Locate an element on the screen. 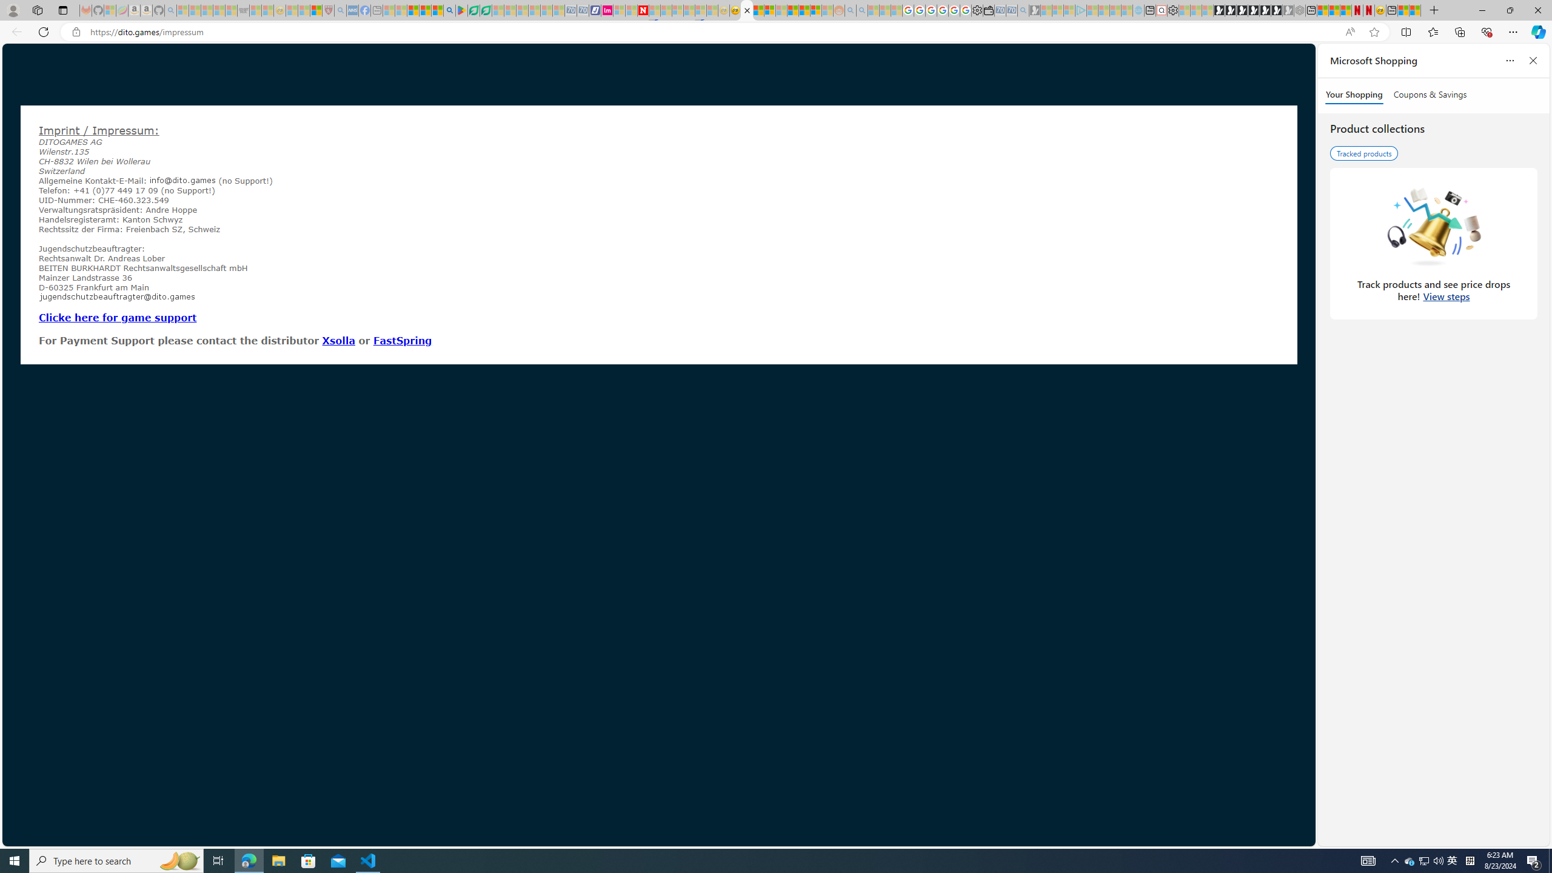 This screenshot has width=1552, height=873. 'Wildlife - MSN' is located at coordinates (1403, 10).